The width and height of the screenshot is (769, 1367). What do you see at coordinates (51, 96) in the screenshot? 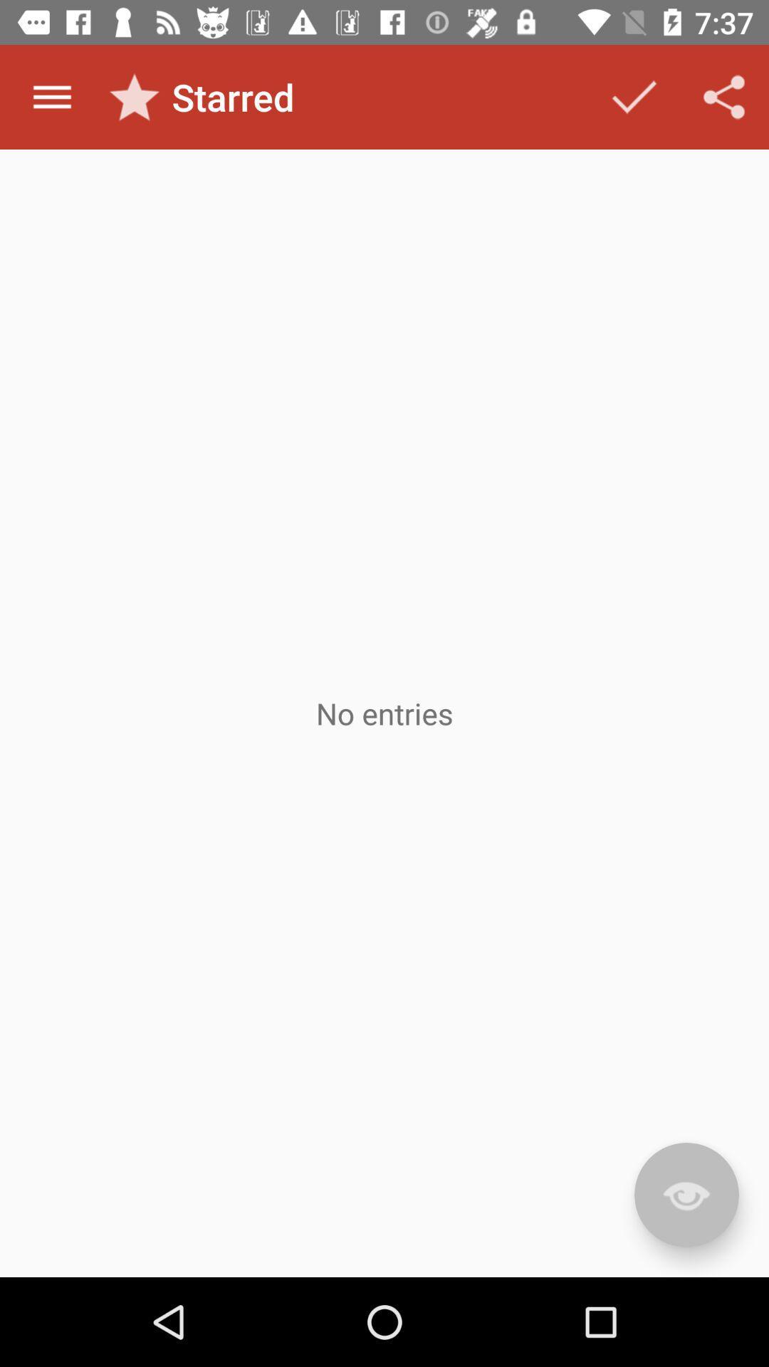
I see `icon above no entries app` at bounding box center [51, 96].